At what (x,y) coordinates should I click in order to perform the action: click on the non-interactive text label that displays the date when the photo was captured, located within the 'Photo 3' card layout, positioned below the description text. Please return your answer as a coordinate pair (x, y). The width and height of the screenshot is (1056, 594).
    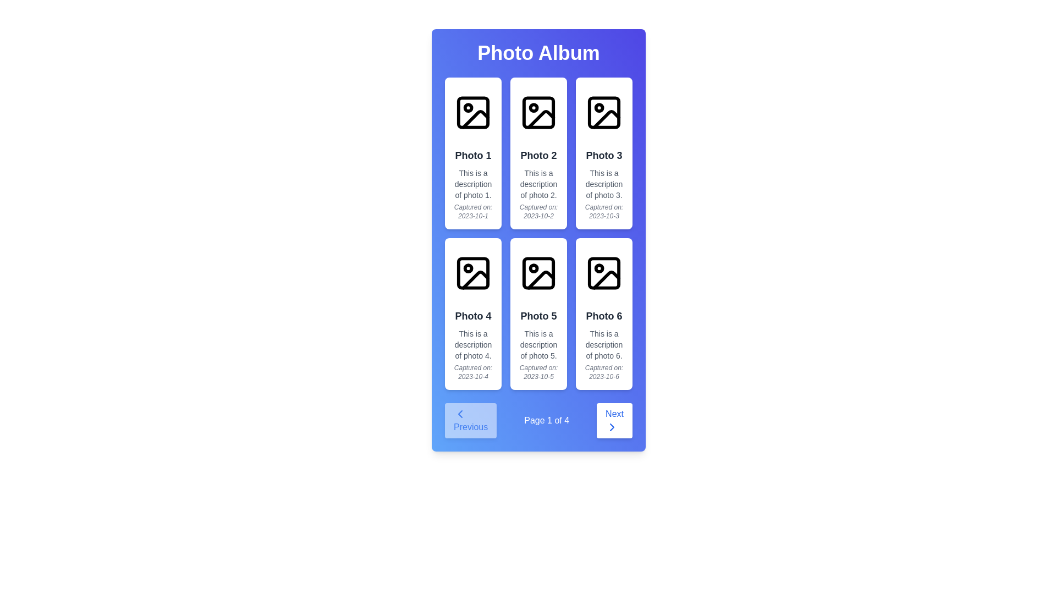
    Looking at the image, I should click on (603, 212).